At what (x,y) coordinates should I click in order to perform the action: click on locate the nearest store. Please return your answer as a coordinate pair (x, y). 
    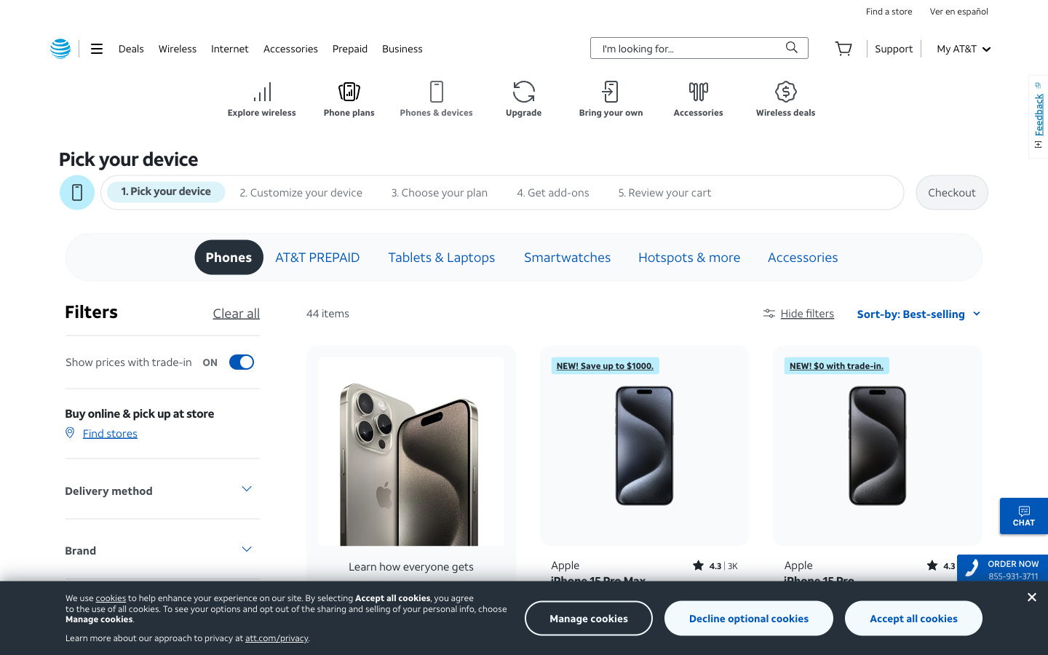
    Looking at the image, I should click on (888, 10).